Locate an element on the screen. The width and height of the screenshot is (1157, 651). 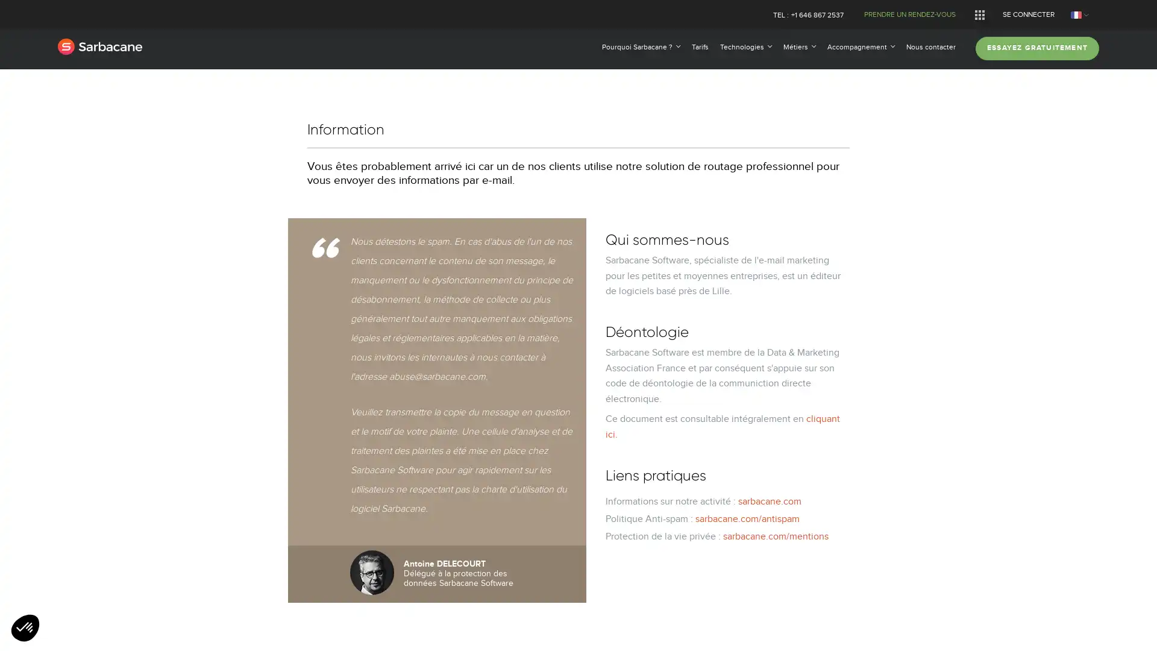
Consentements certifies par is located at coordinates (577, 386).